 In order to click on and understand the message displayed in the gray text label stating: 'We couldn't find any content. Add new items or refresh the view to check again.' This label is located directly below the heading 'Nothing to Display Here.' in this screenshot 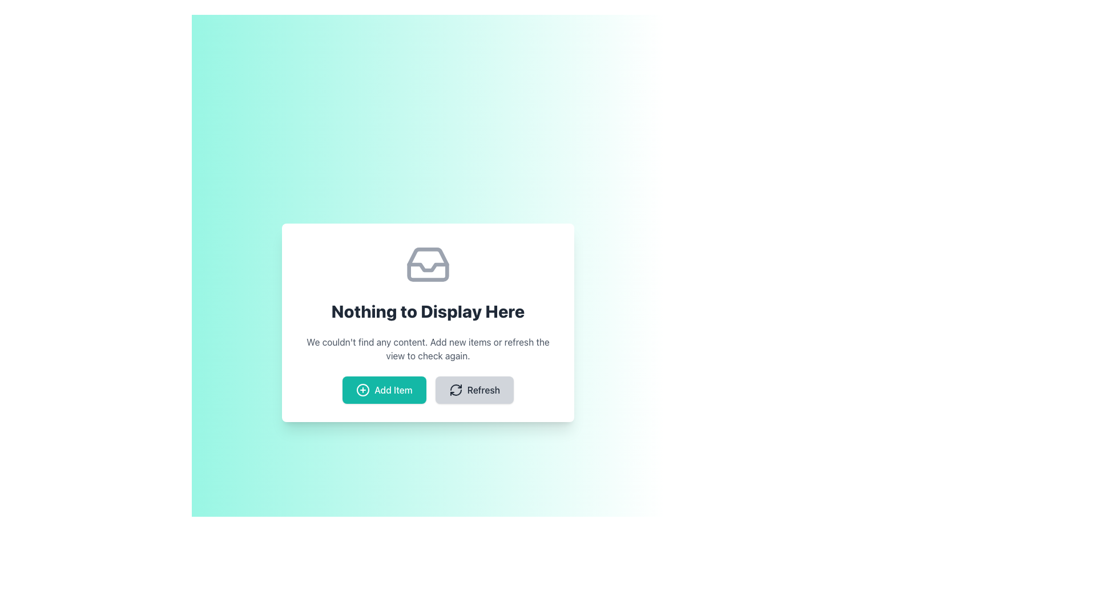, I will do `click(427, 348)`.